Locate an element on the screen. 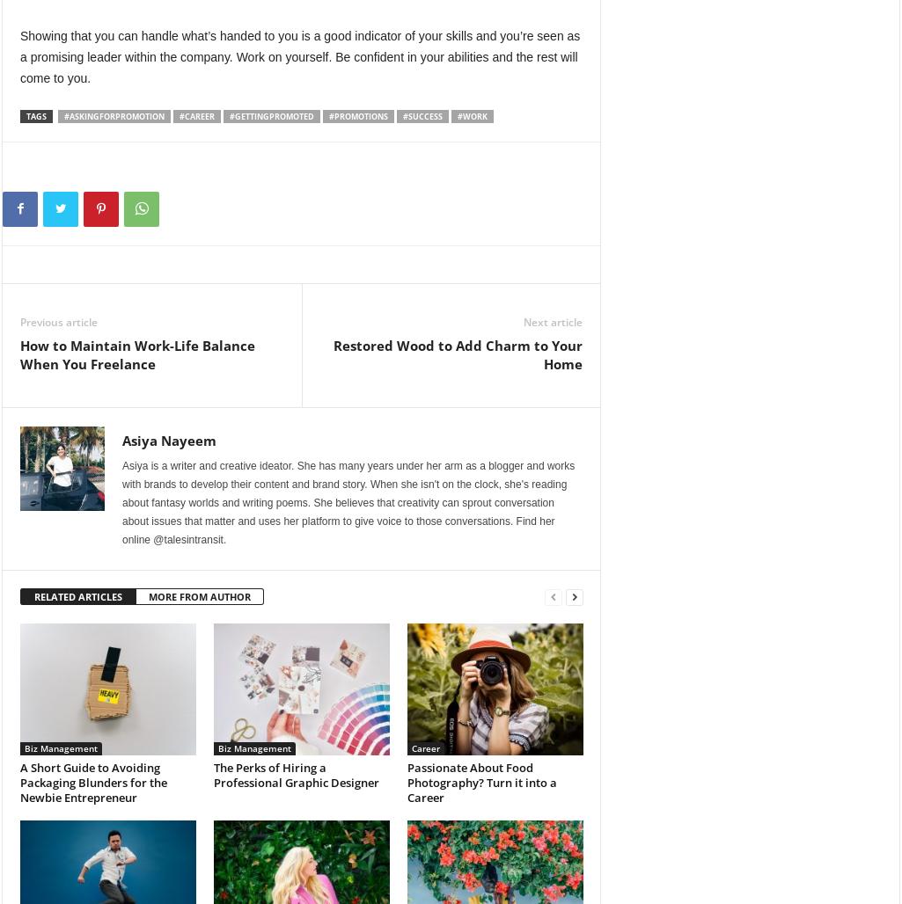 This screenshot has width=902, height=904. 'How to Maintain Work-Life Balance When You Freelance' is located at coordinates (136, 354).